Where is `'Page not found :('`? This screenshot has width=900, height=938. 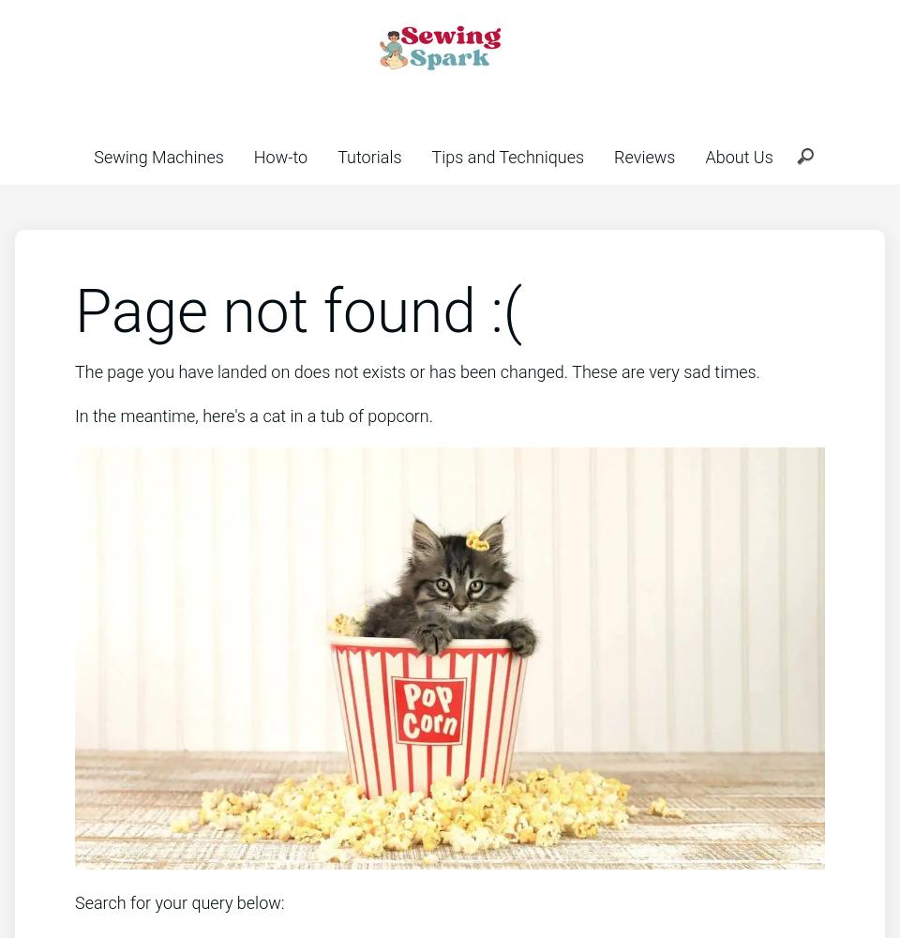
'Page not found :(' is located at coordinates (74, 310).